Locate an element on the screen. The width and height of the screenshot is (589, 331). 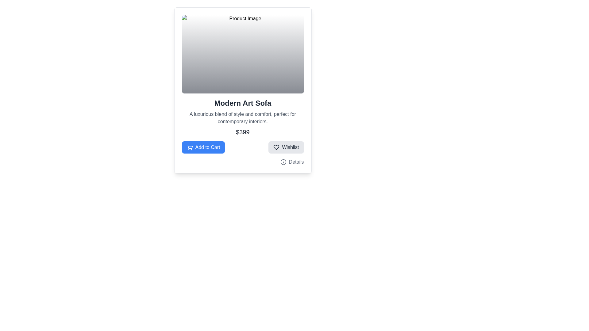
the 'Add to Cart' button located at the bottom of the product card layout is located at coordinates (203, 147).